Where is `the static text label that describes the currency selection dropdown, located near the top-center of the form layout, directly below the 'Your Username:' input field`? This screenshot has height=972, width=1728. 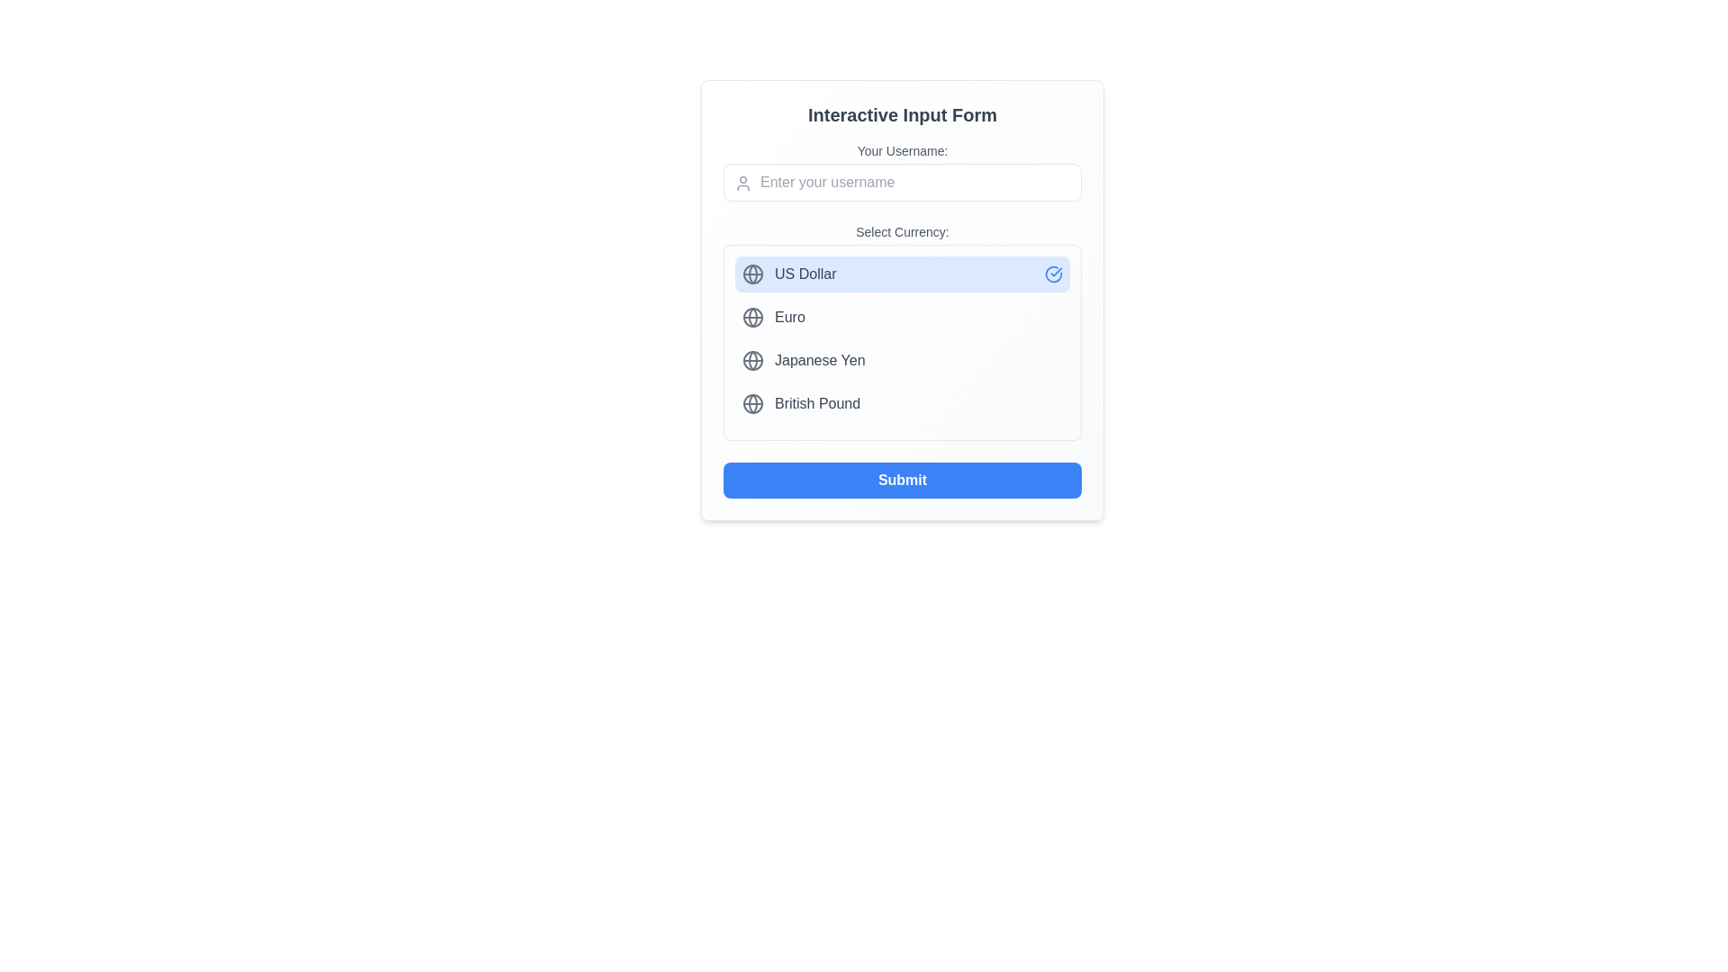
the static text label that describes the currency selection dropdown, located near the top-center of the form layout, directly below the 'Your Username:' input field is located at coordinates (903, 231).